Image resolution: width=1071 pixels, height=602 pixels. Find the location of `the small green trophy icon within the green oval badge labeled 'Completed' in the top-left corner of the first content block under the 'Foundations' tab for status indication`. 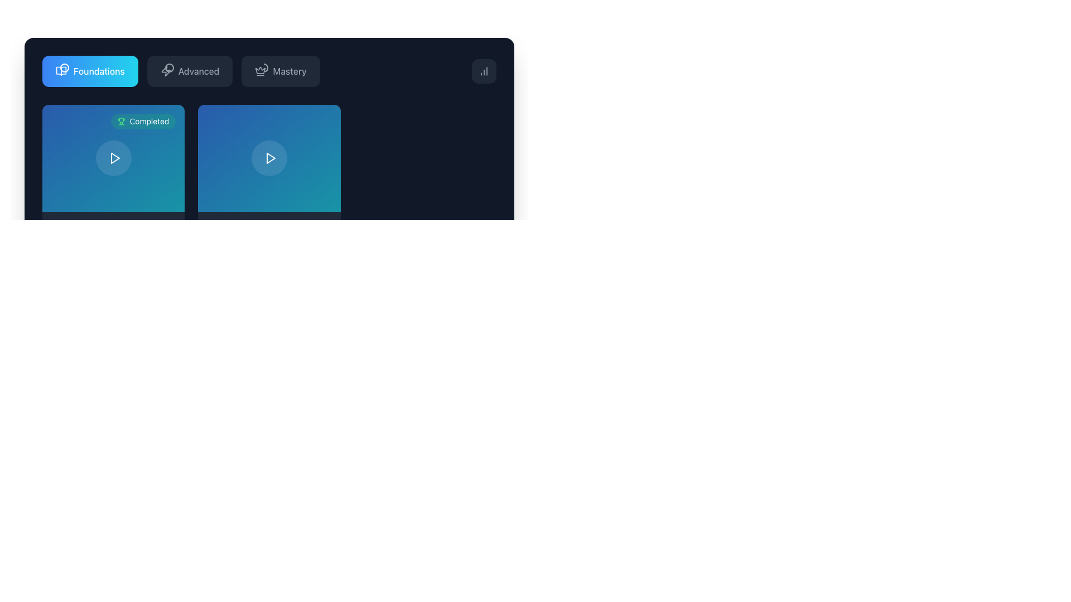

the small green trophy icon within the green oval badge labeled 'Completed' in the top-left corner of the first content block under the 'Foundations' tab for status indication is located at coordinates (121, 122).